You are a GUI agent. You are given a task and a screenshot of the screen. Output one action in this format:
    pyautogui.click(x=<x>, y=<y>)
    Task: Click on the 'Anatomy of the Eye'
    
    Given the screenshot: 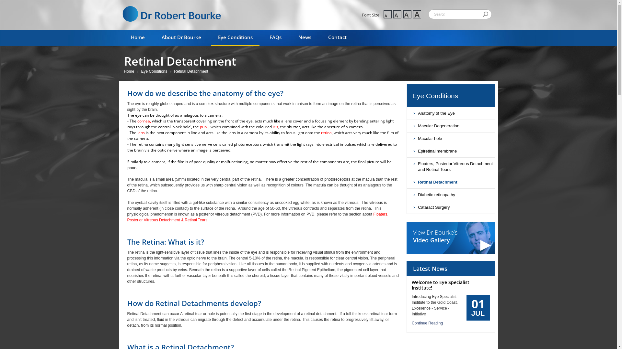 What is the action you would take?
    pyautogui.click(x=450, y=113)
    